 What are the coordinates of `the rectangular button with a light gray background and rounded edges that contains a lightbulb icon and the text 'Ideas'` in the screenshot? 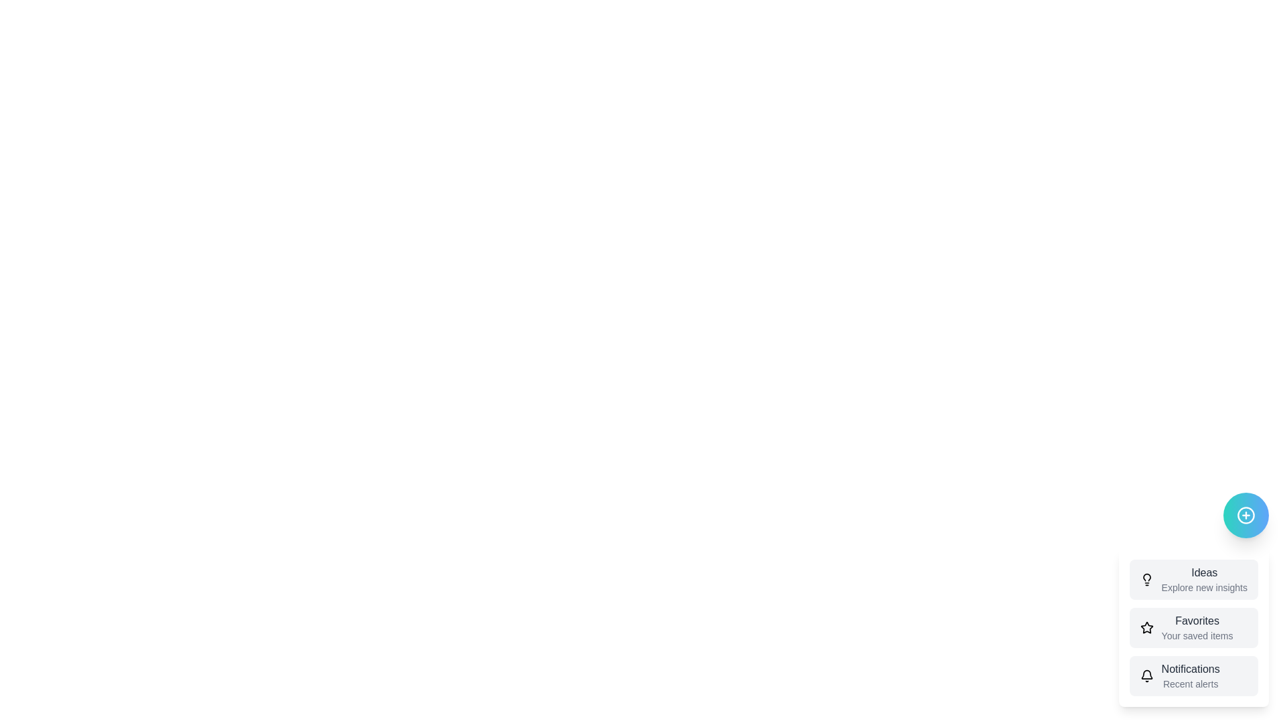 It's located at (1193, 579).